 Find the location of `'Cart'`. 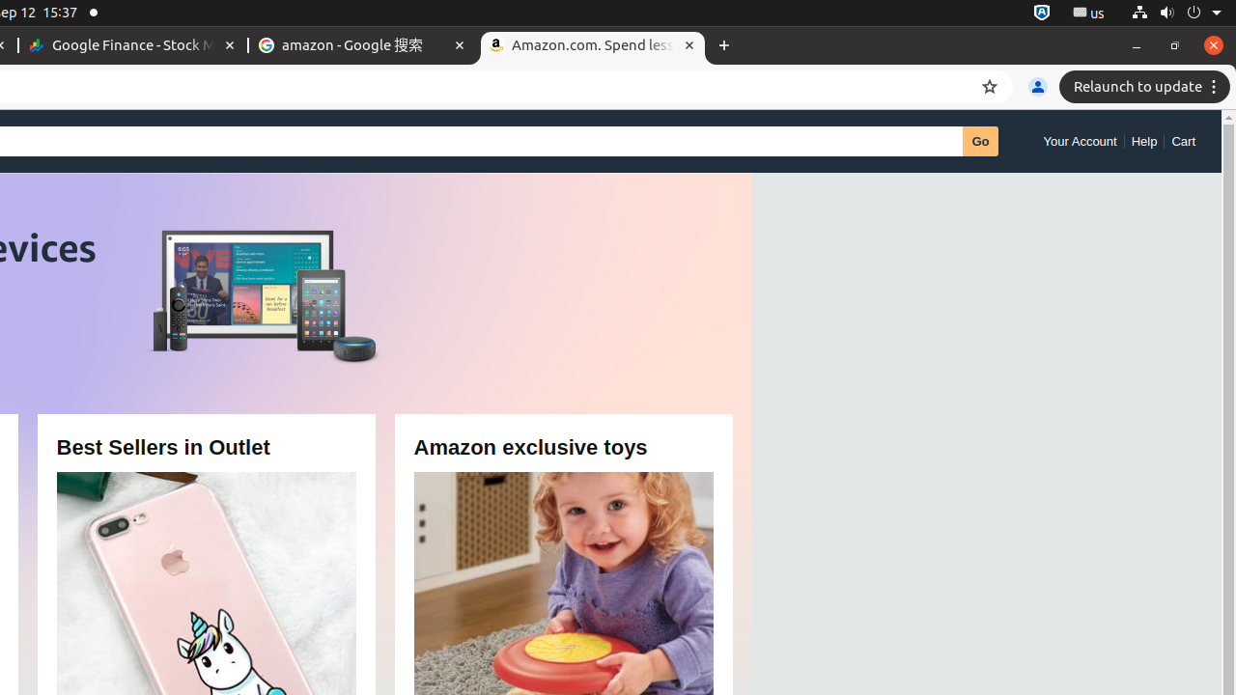

'Cart' is located at coordinates (1182, 140).